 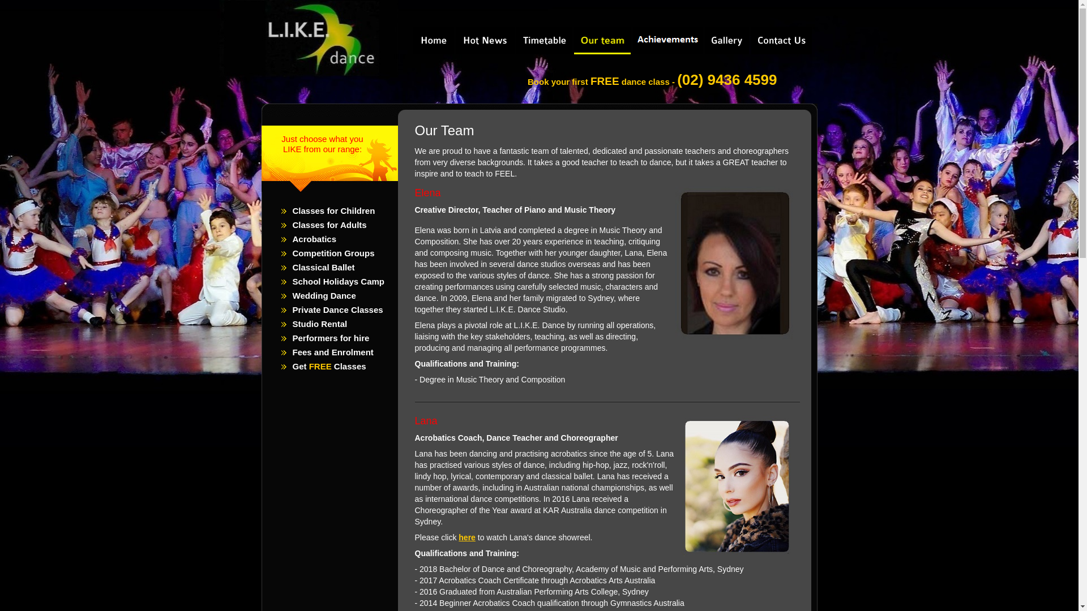 What do you see at coordinates (292, 351) in the screenshot?
I see `'Fees and Enrolment'` at bounding box center [292, 351].